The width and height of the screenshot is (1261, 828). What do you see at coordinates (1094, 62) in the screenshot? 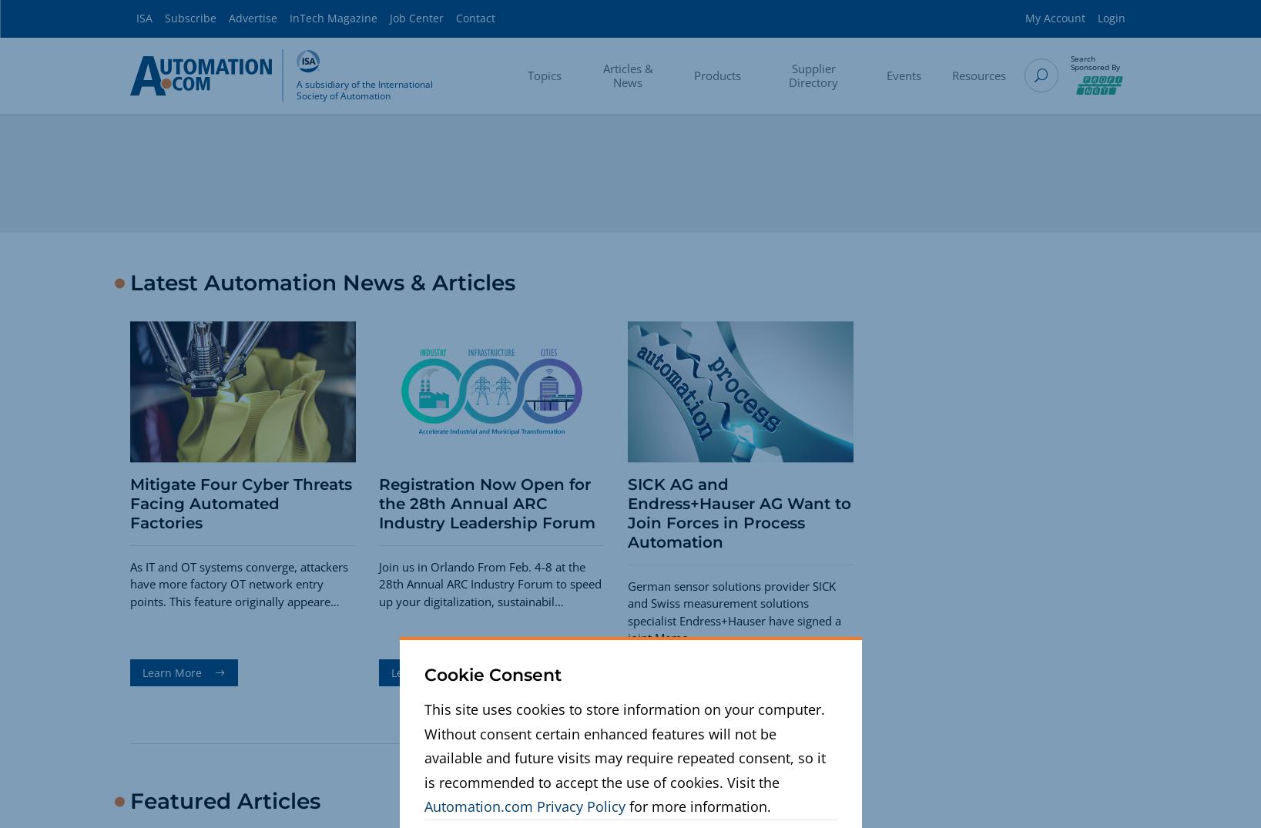
I see `'Search Sponsored By'` at bounding box center [1094, 62].